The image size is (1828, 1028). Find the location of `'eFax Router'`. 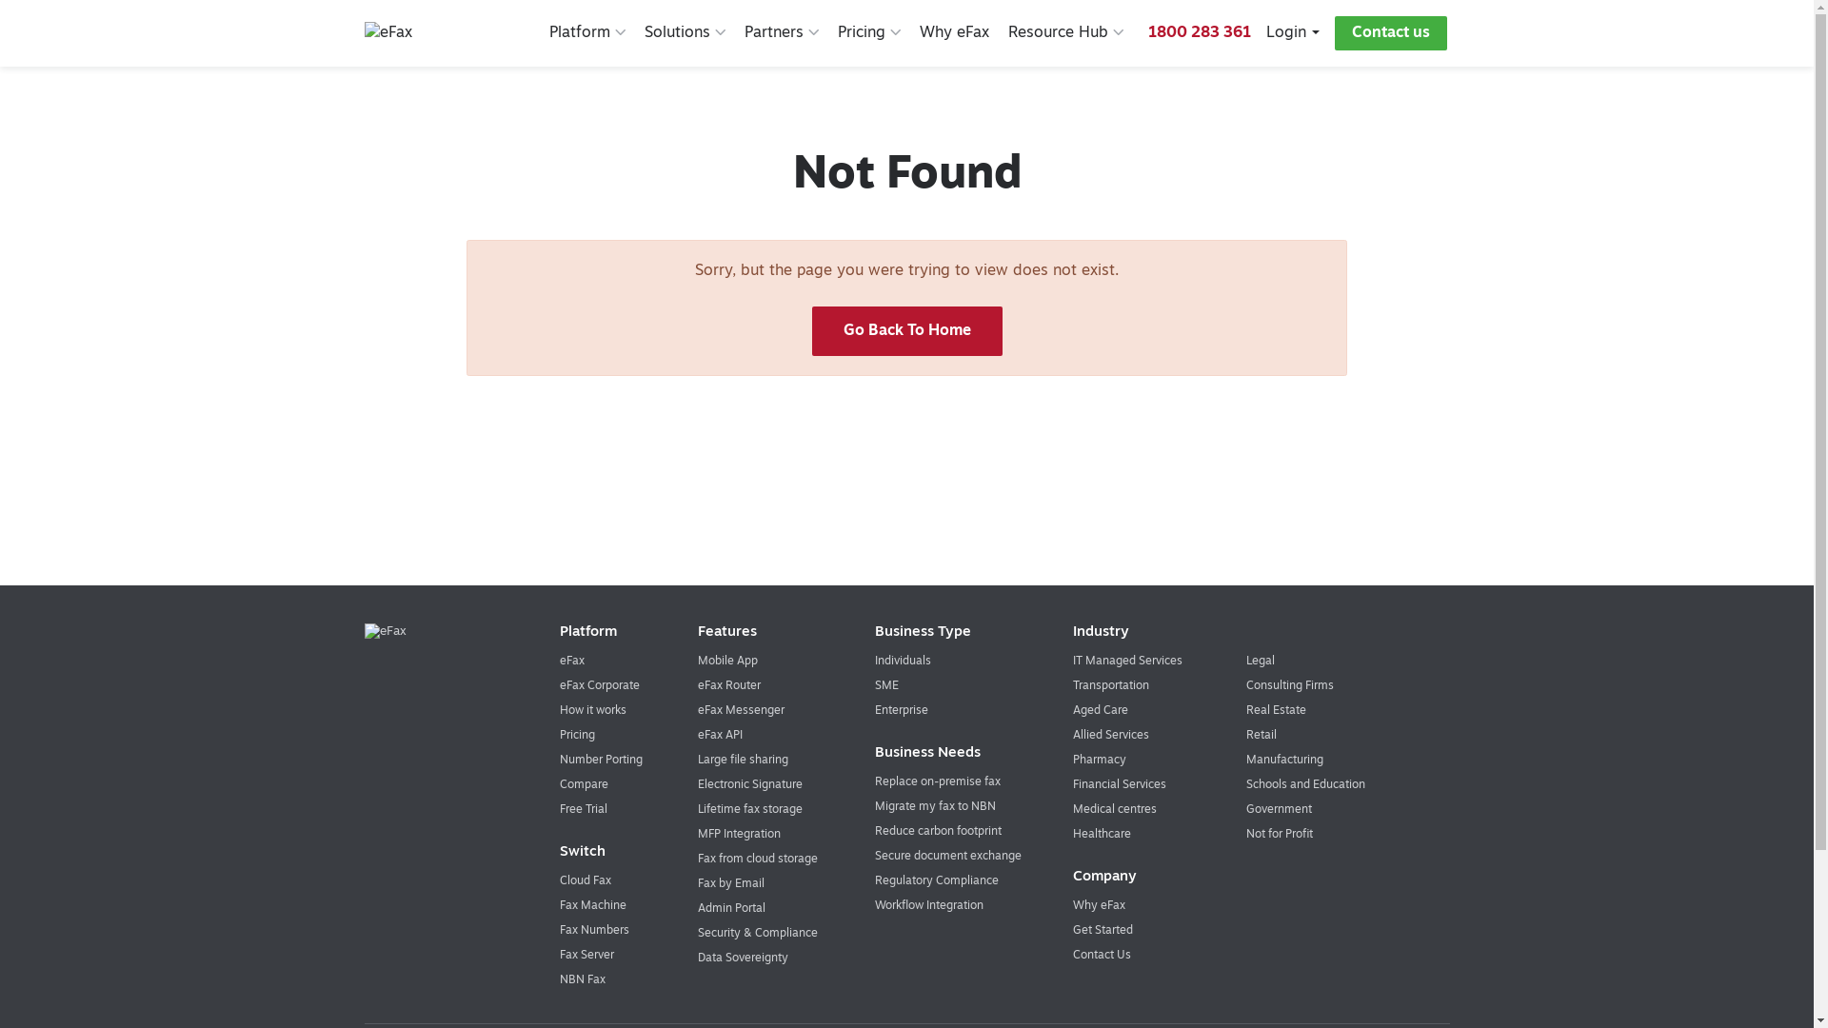

'eFax Router' is located at coordinates (728, 686).